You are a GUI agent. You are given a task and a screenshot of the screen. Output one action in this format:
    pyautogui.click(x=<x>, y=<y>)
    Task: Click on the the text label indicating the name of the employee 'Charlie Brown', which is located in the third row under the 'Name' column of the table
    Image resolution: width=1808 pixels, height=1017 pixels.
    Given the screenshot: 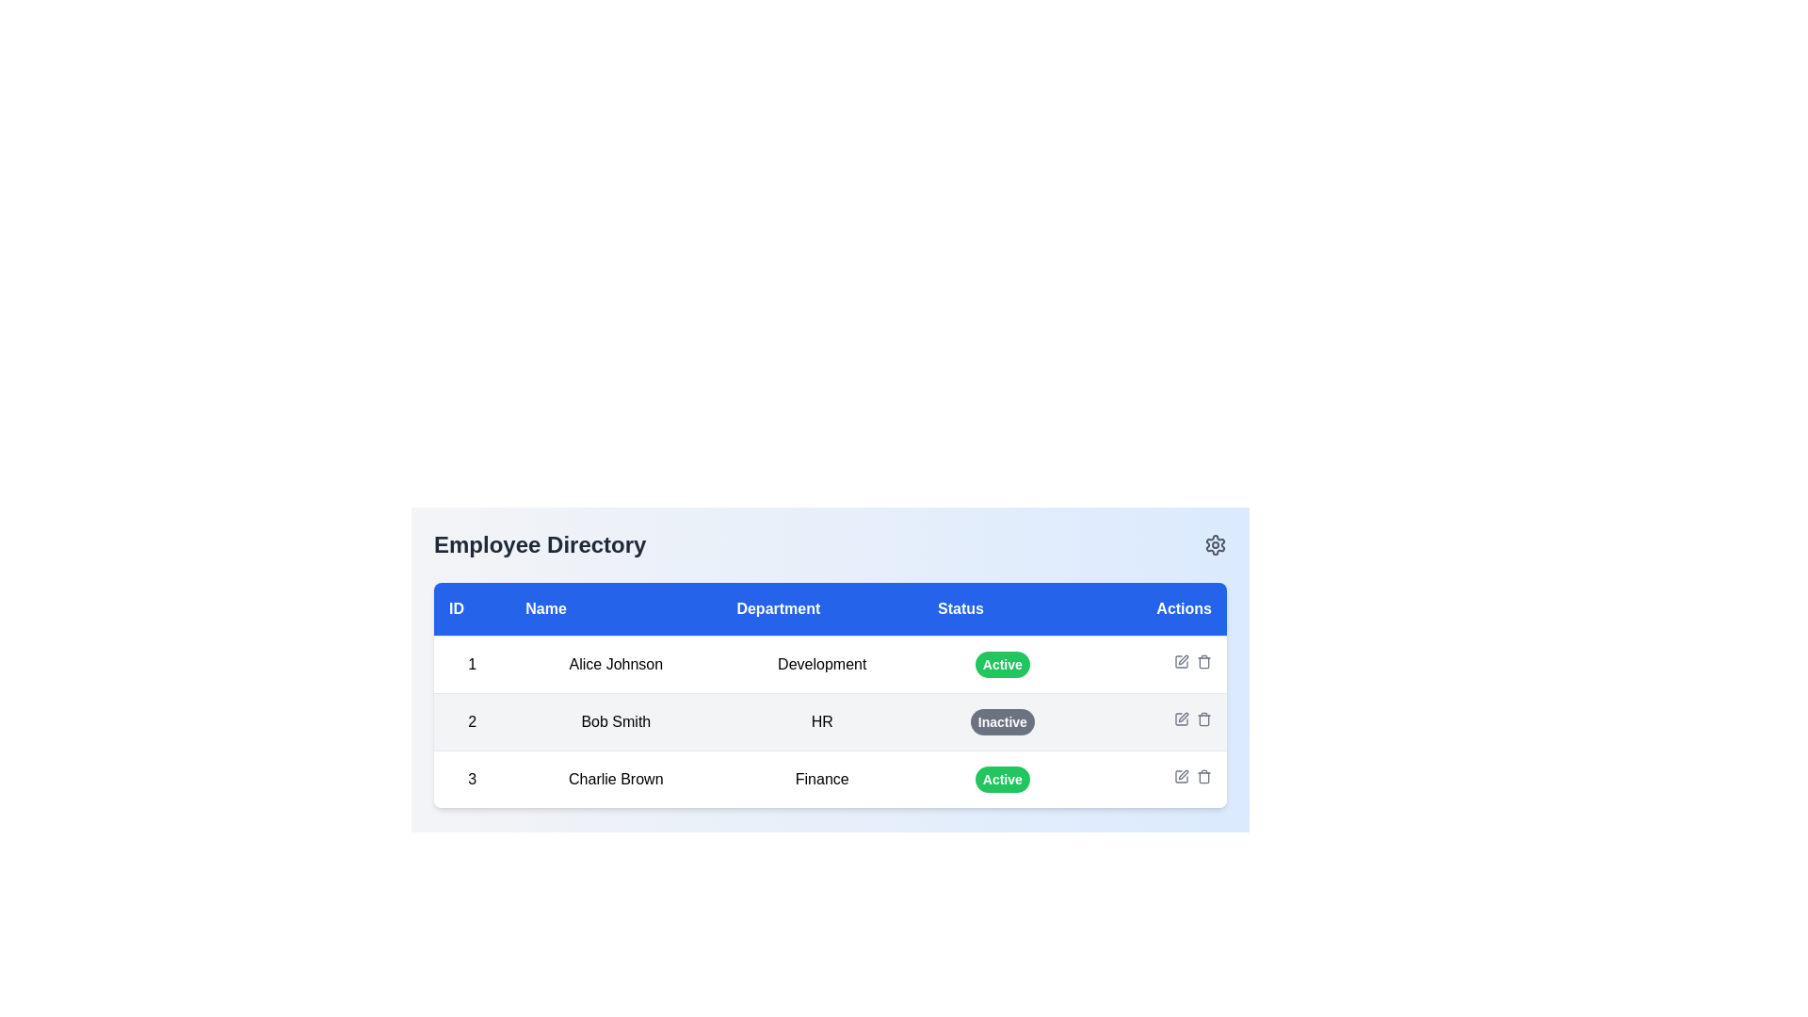 What is the action you would take?
    pyautogui.click(x=616, y=779)
    